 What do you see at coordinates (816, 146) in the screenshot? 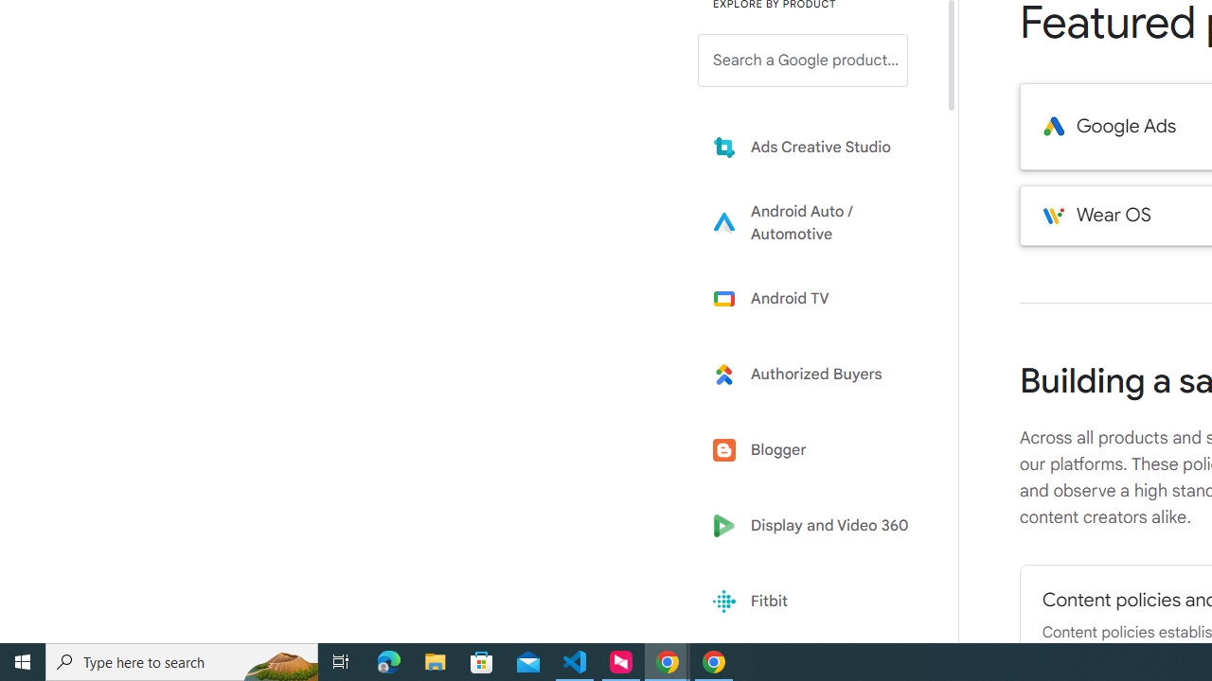
I see `'Learn more about Ads Creative Studio'` at bounding box center [816, 146].